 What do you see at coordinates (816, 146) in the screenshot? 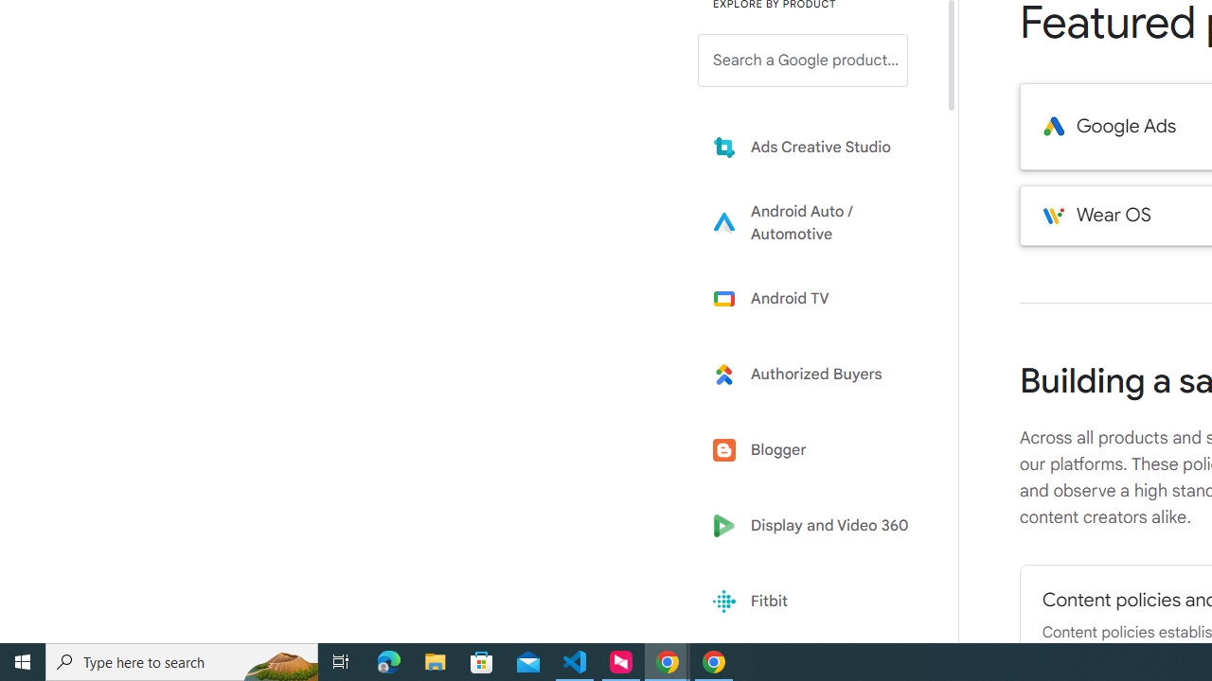
I see `'Learn more about Ads Creative Studio'` at bounding box center [816, 146].